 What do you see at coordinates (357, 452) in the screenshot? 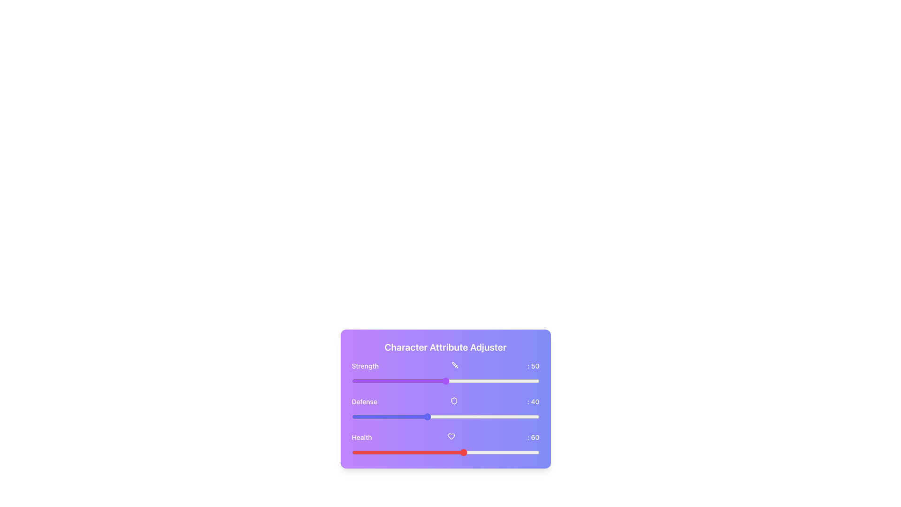
I see `health` at bounding box center [357, 452].